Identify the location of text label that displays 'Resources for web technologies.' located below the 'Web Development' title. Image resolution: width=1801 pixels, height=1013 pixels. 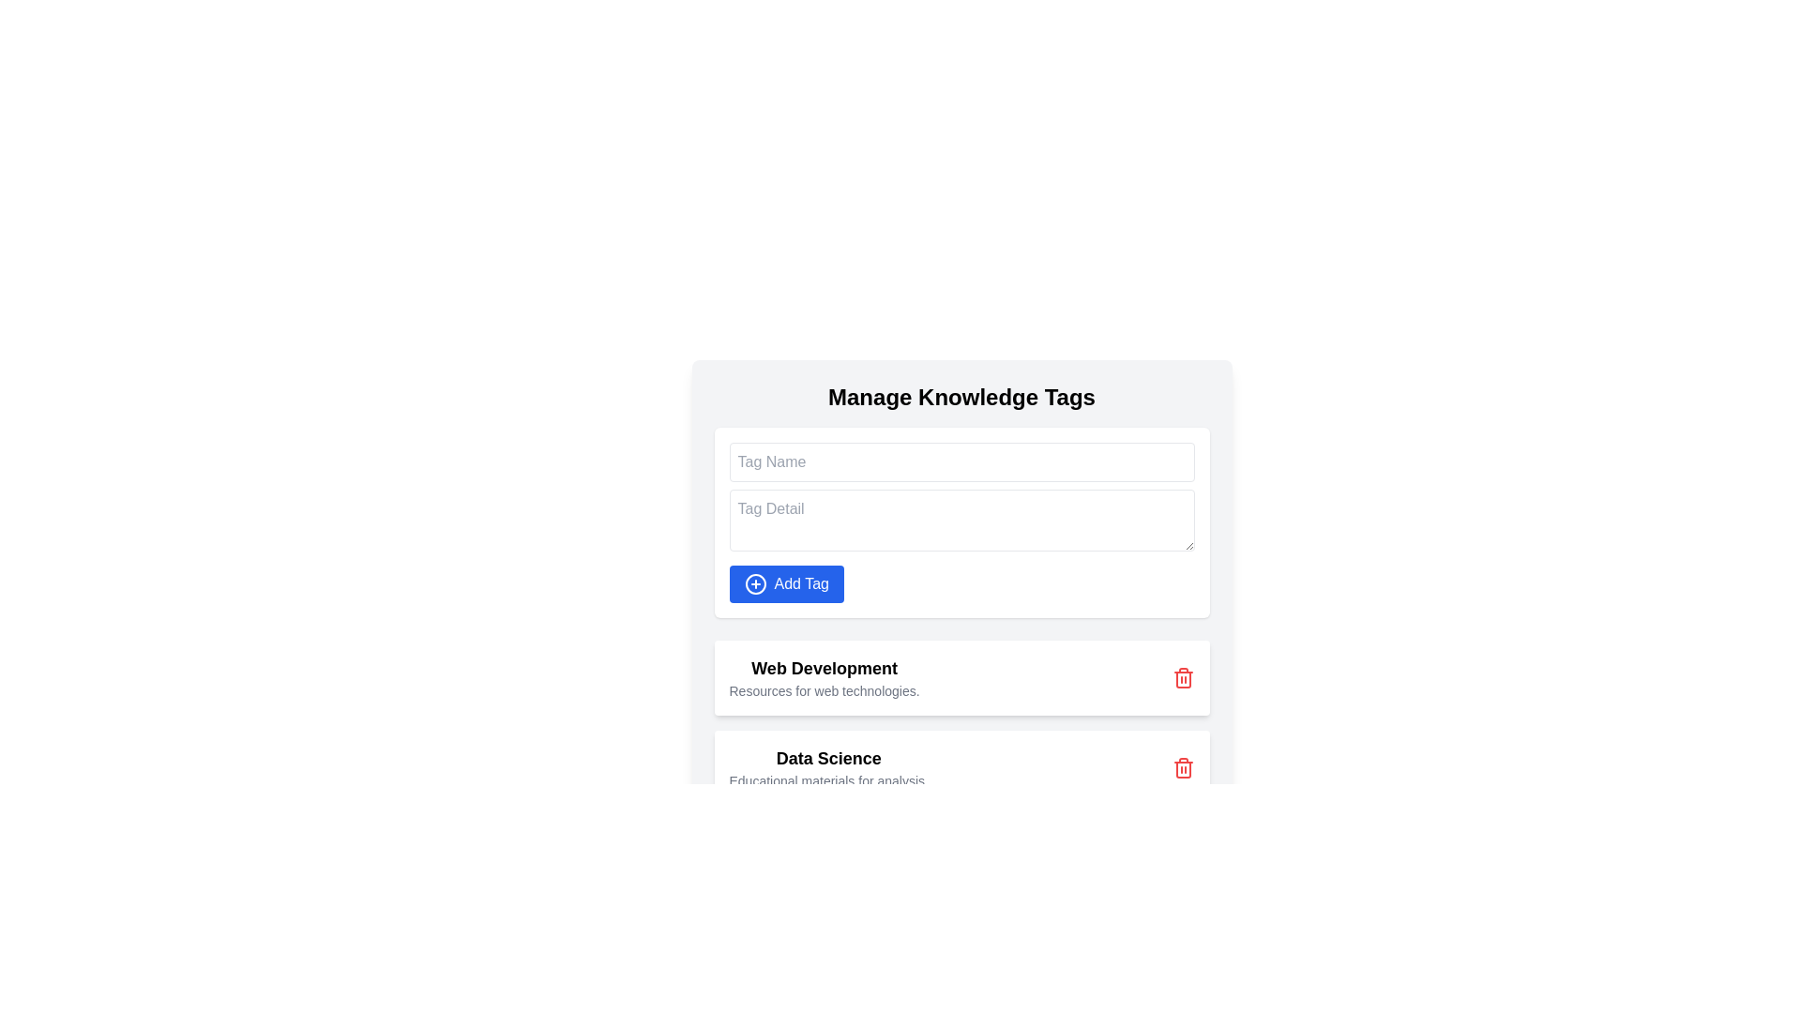
(824, 690).